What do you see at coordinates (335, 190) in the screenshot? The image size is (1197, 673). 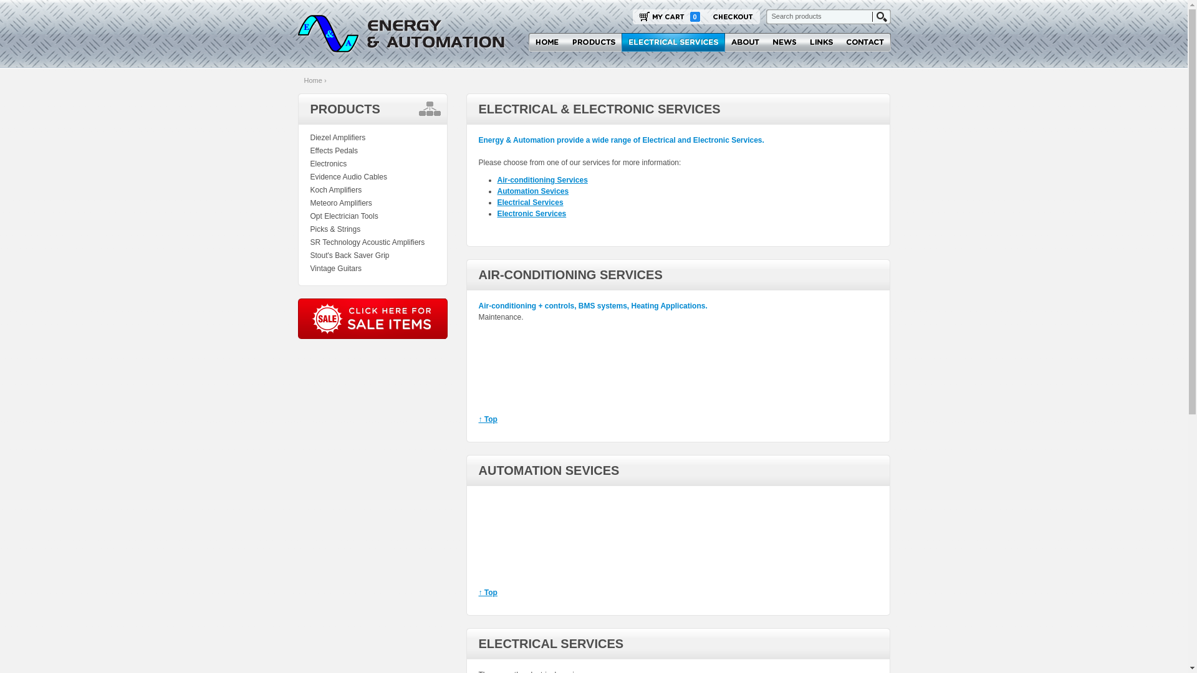 I see `'Koch Amplifiers'` at bounding box center [335, 190].